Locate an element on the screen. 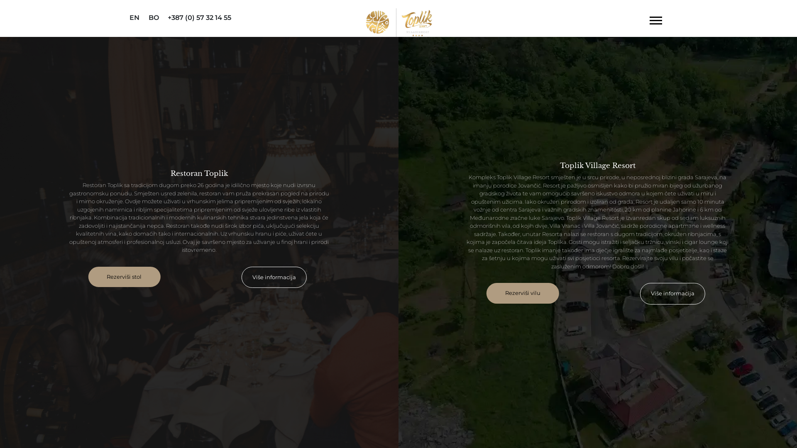 This screenshot has width=797, height=448. 'BO' is located at coordinates (149, 17).